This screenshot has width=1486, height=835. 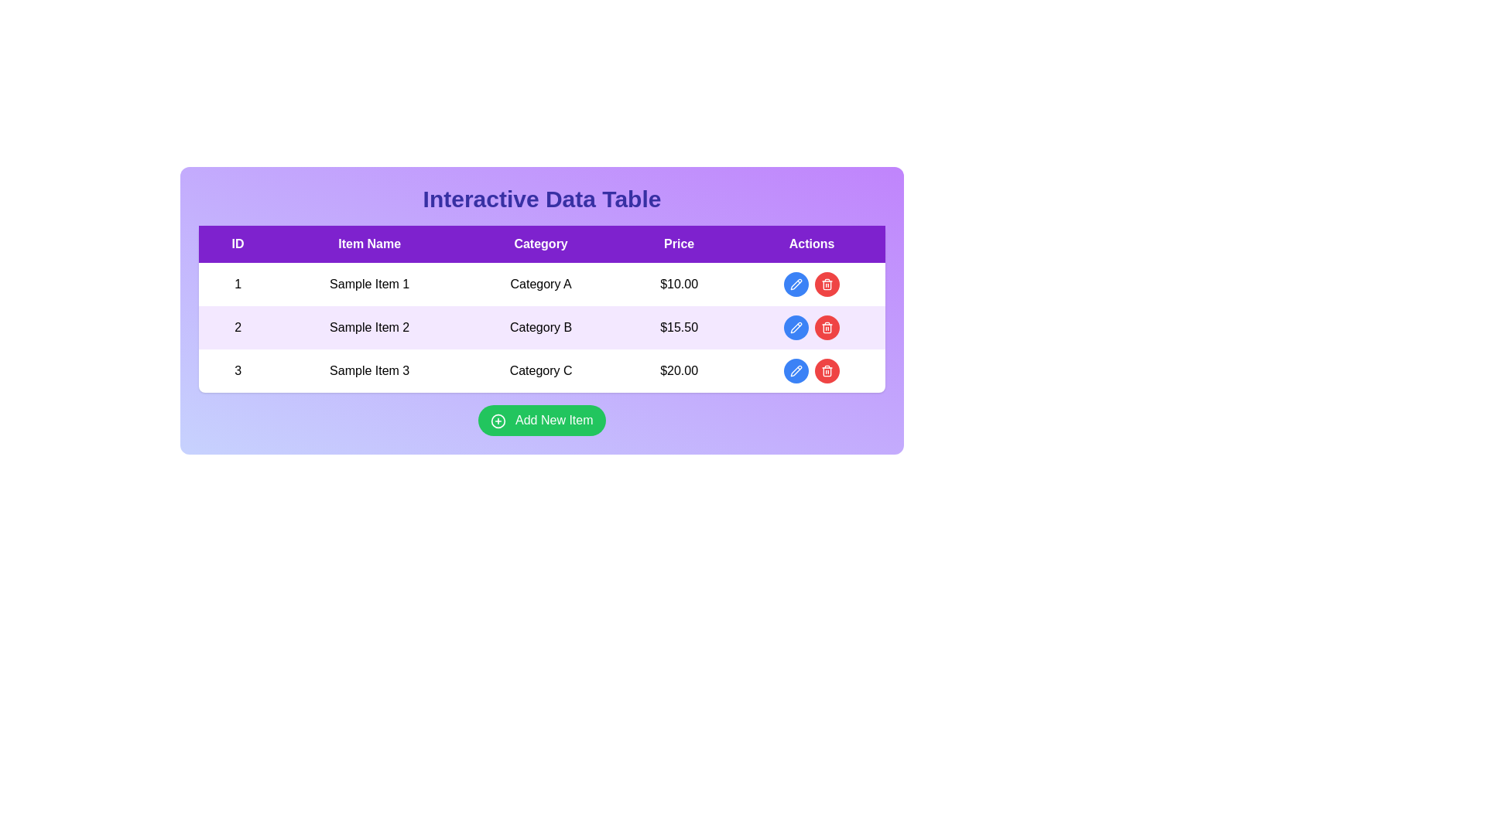 I want to click on the table cell representing the category for the item labeled 'Sample Item 3', located in the third row and third column of the table, so click(x=541, y=370).